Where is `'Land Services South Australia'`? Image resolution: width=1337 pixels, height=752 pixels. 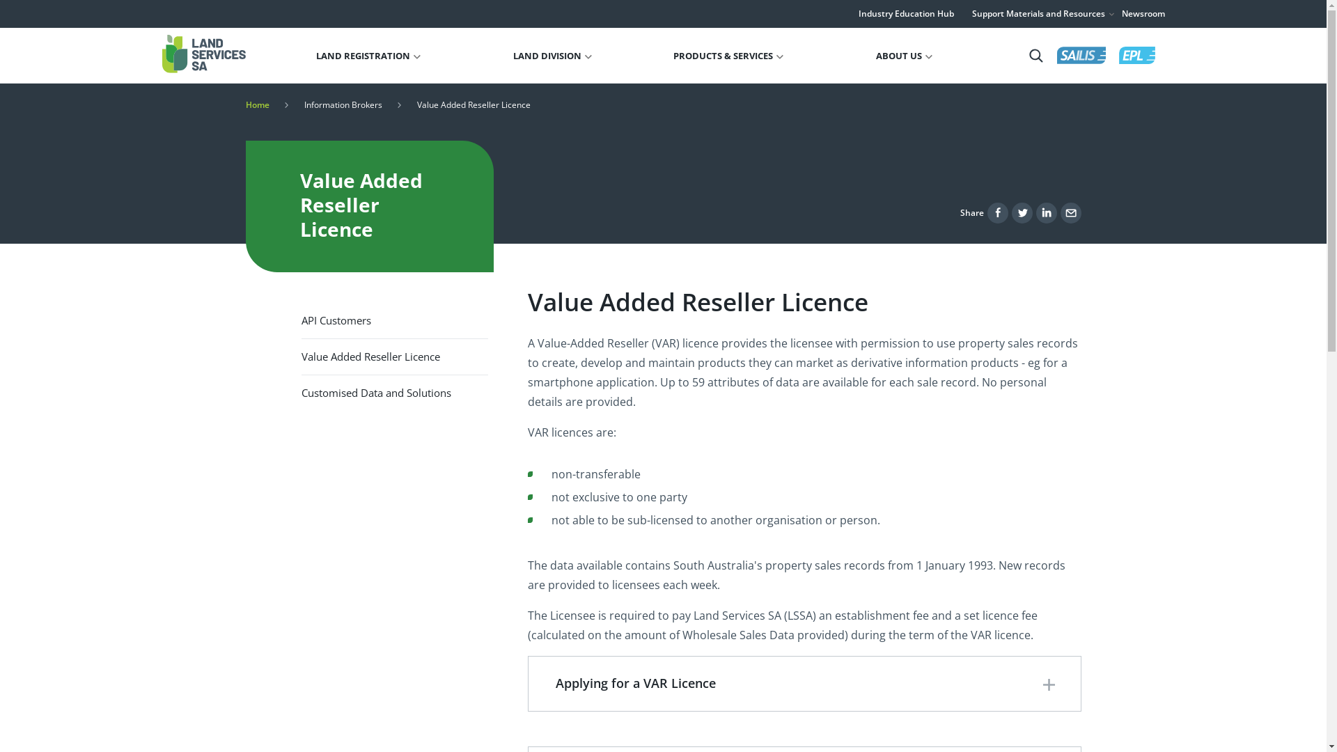 'Land Services South Australia' is located at coordinates (203, 53).